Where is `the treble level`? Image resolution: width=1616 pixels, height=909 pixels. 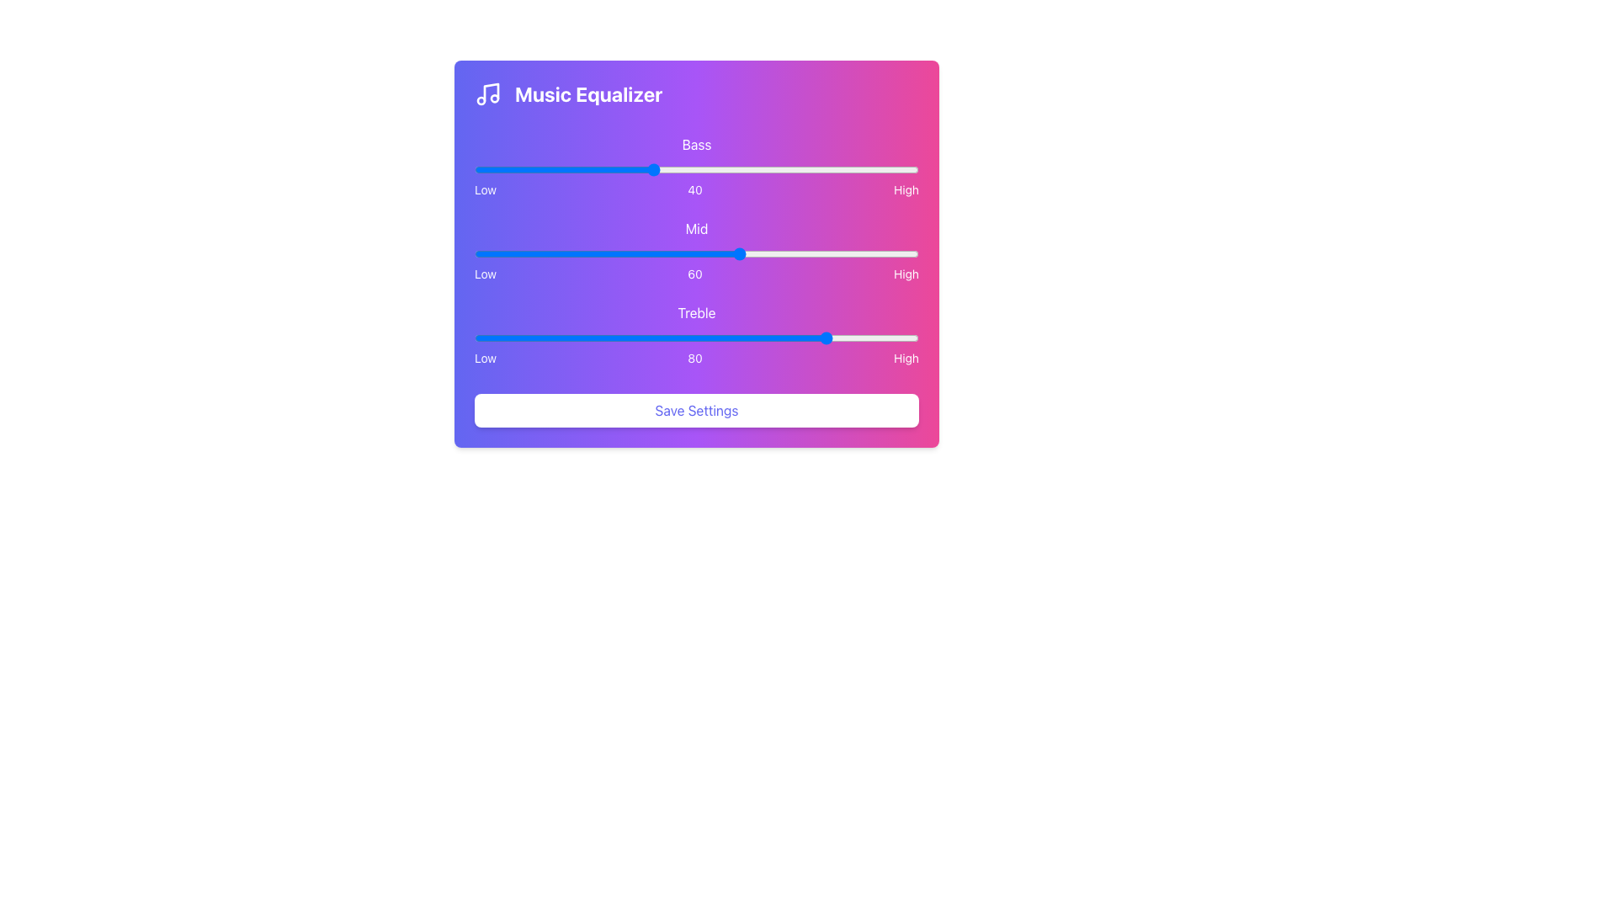
the treble level is located at coordinates (913, 338).